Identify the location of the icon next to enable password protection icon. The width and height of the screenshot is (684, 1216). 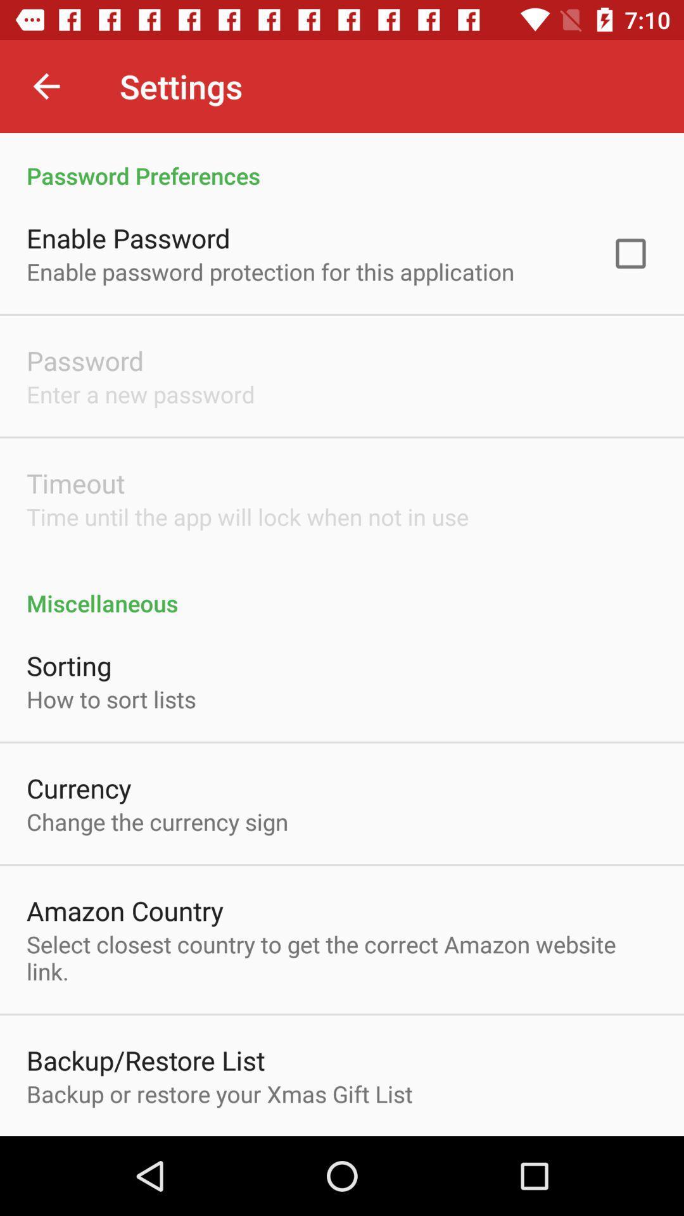
(630, 253).